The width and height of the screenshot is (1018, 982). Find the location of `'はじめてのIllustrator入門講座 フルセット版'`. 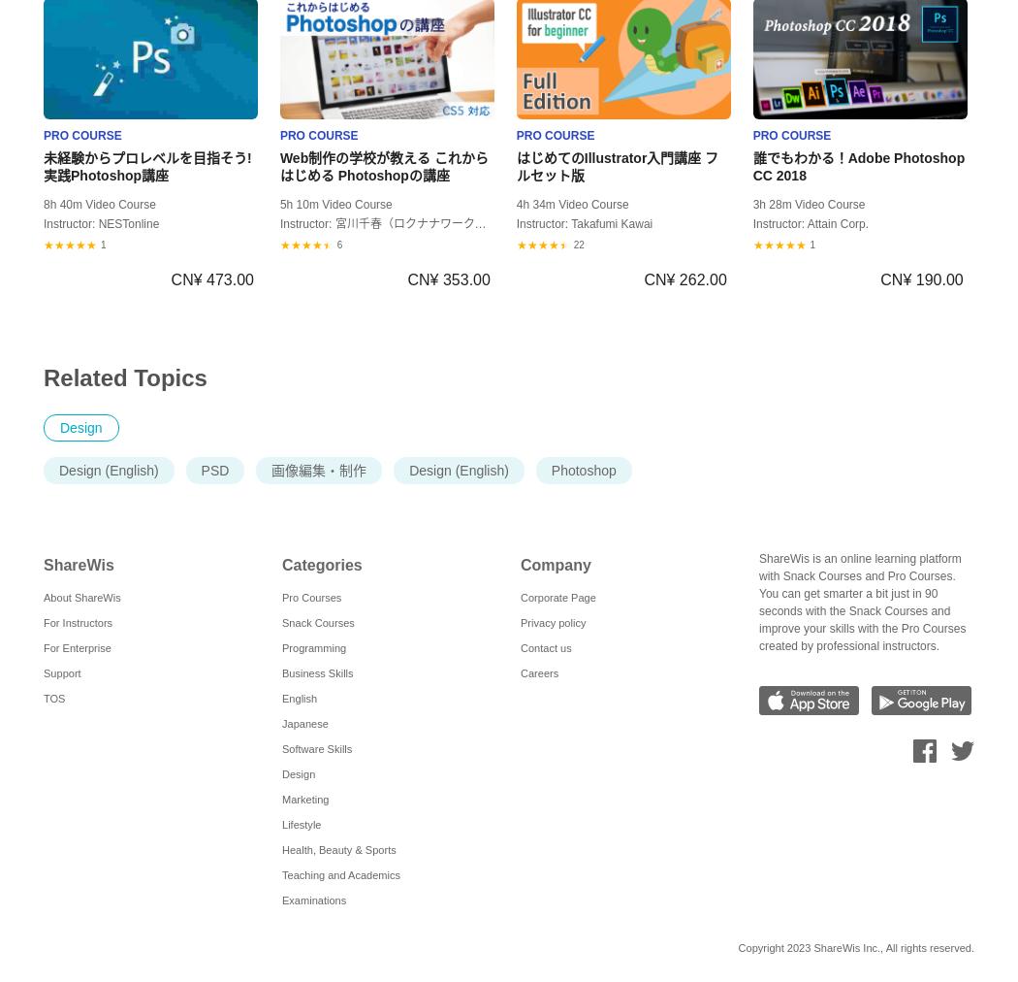

'はじめてのIllustrator入門講座 フルセット版' is located at coordinates (617, 166).